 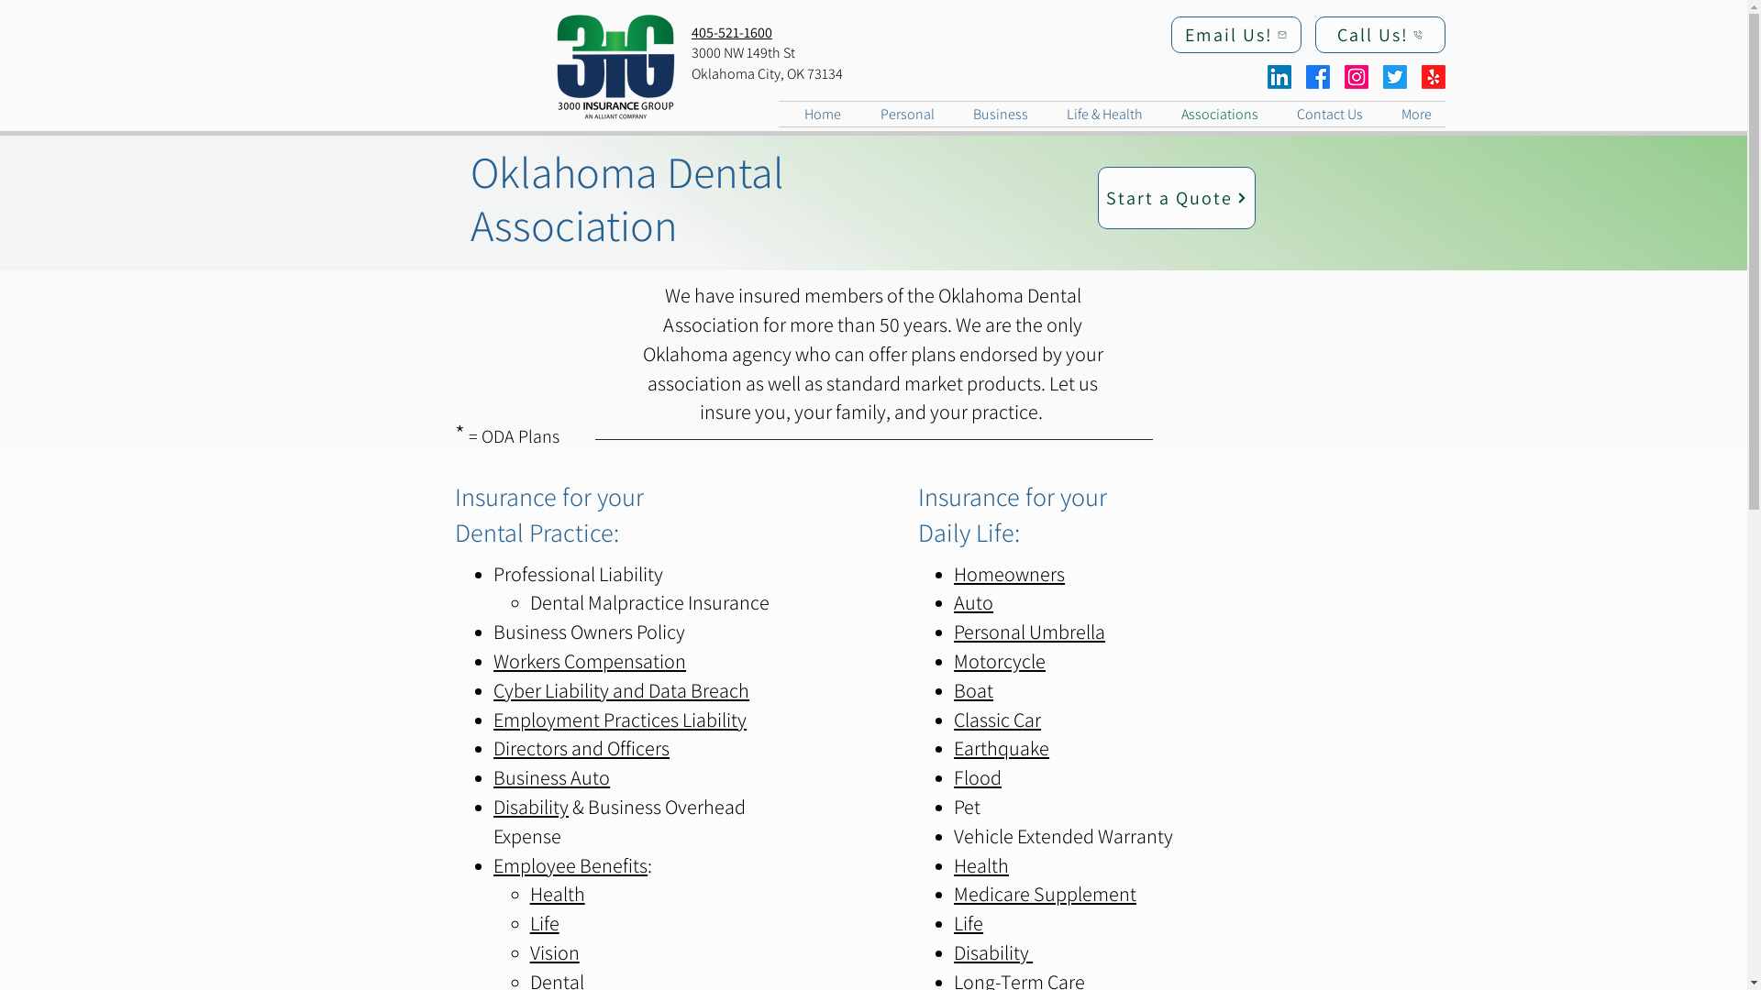 I want to click on 'Boat', so click(x=972, y=690).